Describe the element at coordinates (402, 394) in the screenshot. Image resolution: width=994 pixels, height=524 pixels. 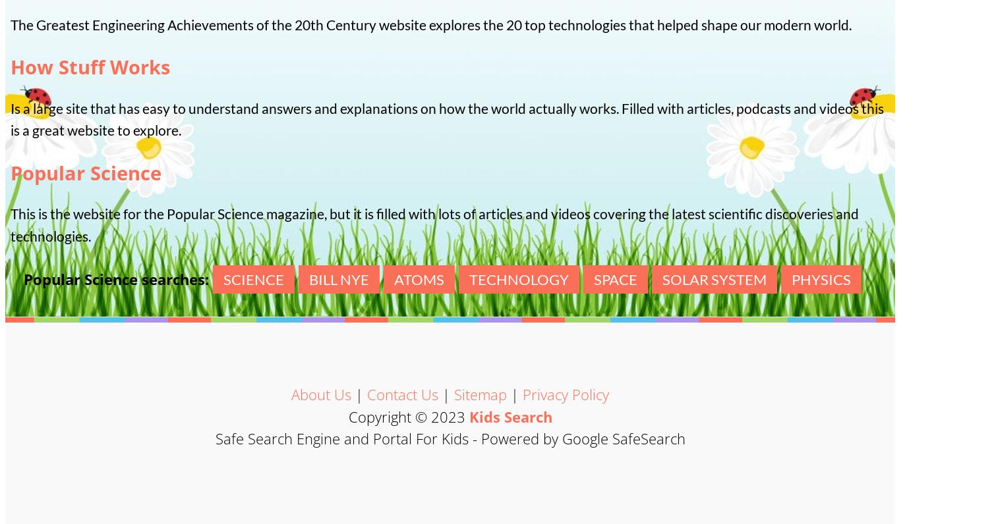
I see `'Contact Us'` at that location.